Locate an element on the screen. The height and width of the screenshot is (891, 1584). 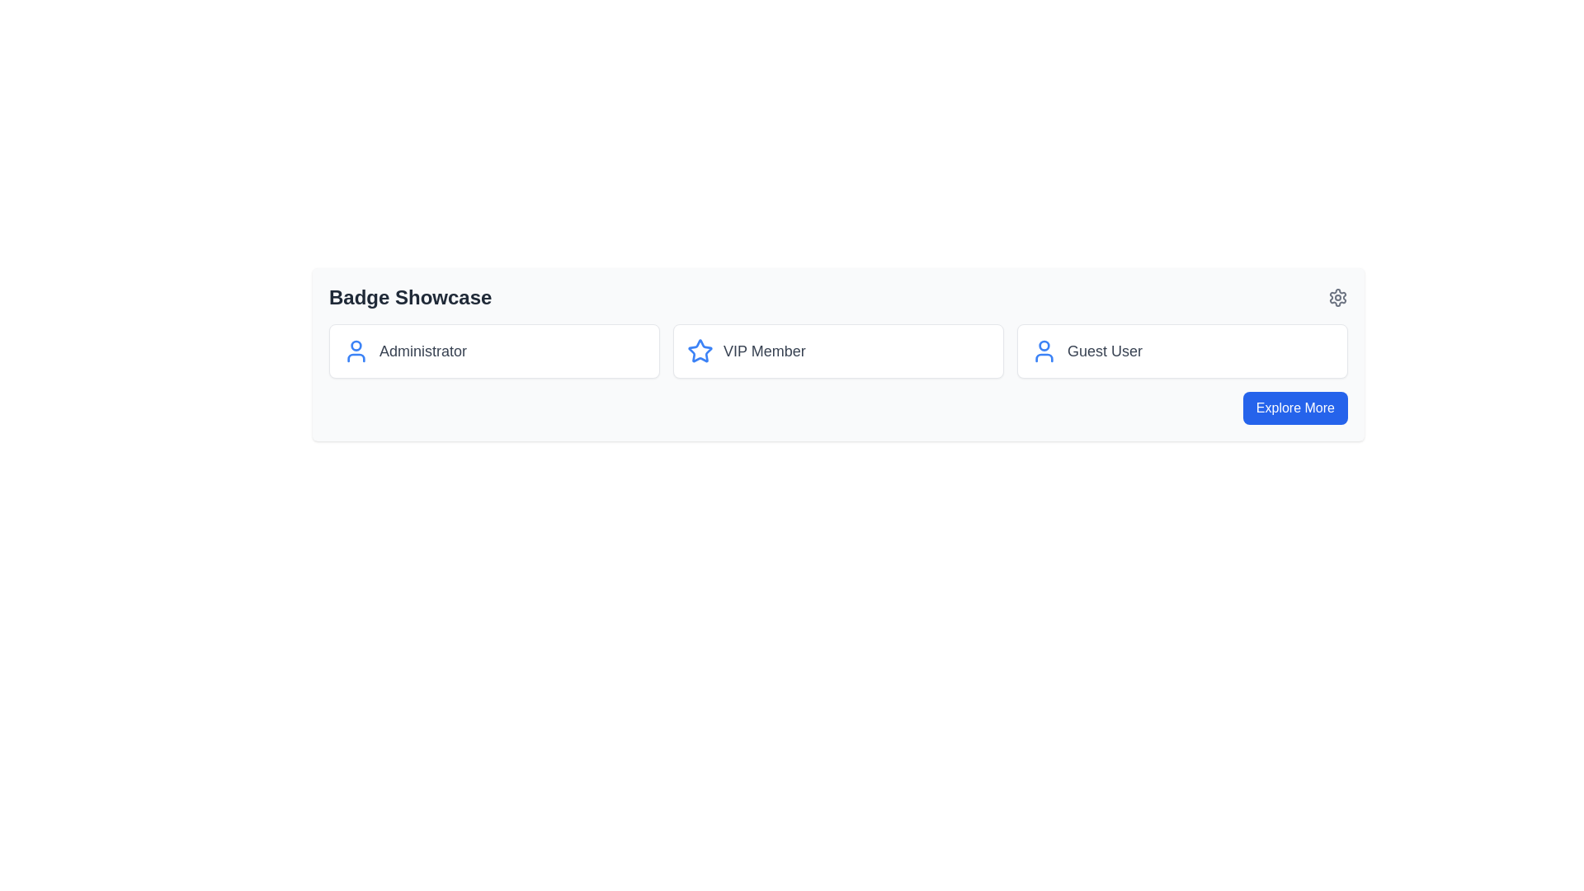
the 'VIP Member' badge, which is the second item in a horizontal grid of three badges, positioned centrally between the 'Administrator' badge and the 'Guest User' badge is located at coordinates (838, 350).